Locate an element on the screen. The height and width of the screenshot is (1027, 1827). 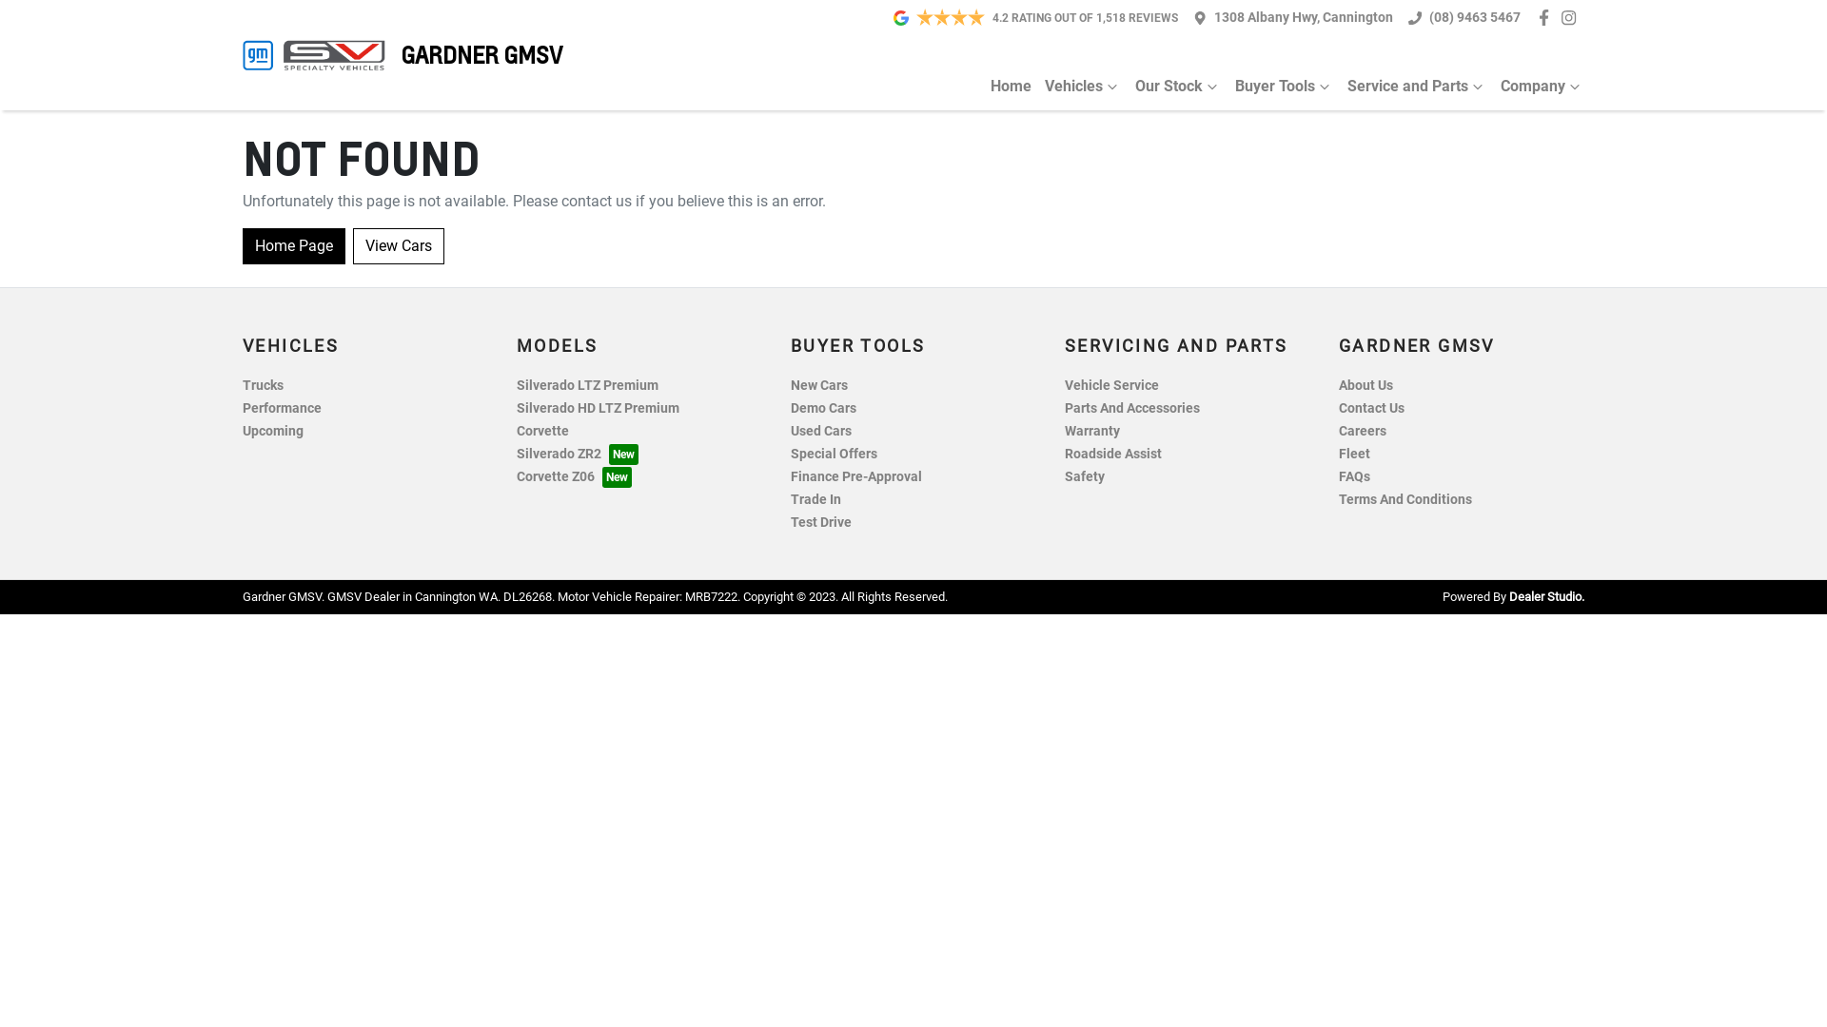
'Buyer Tools' is located at coordinates (1278, 87).